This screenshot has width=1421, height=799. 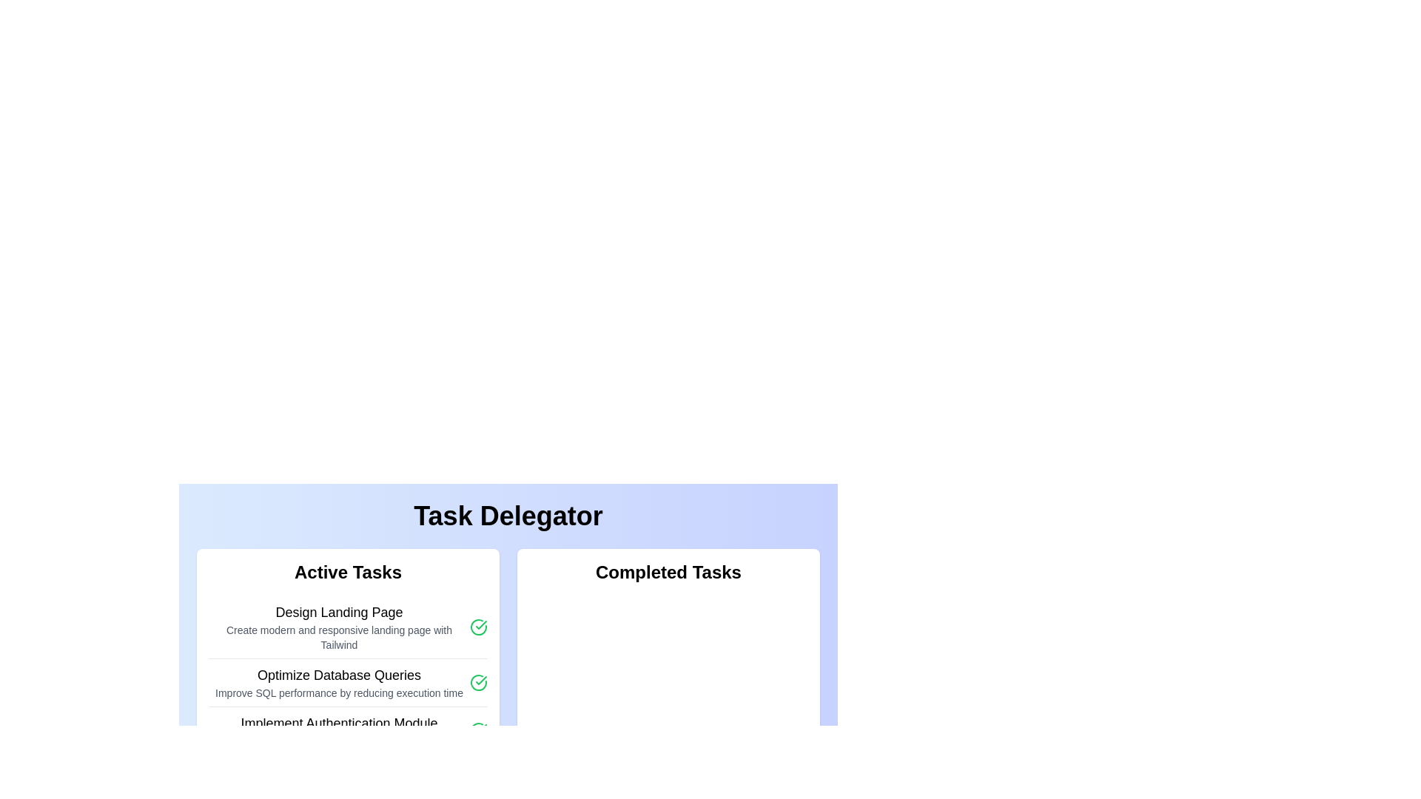 What do you see at coordinates (338, 682) in the screenshot?
I see `the task entry for 'Database Query Optimization' from the 'Active Tasks' section in the left panel` at bounding box center [338, 682].